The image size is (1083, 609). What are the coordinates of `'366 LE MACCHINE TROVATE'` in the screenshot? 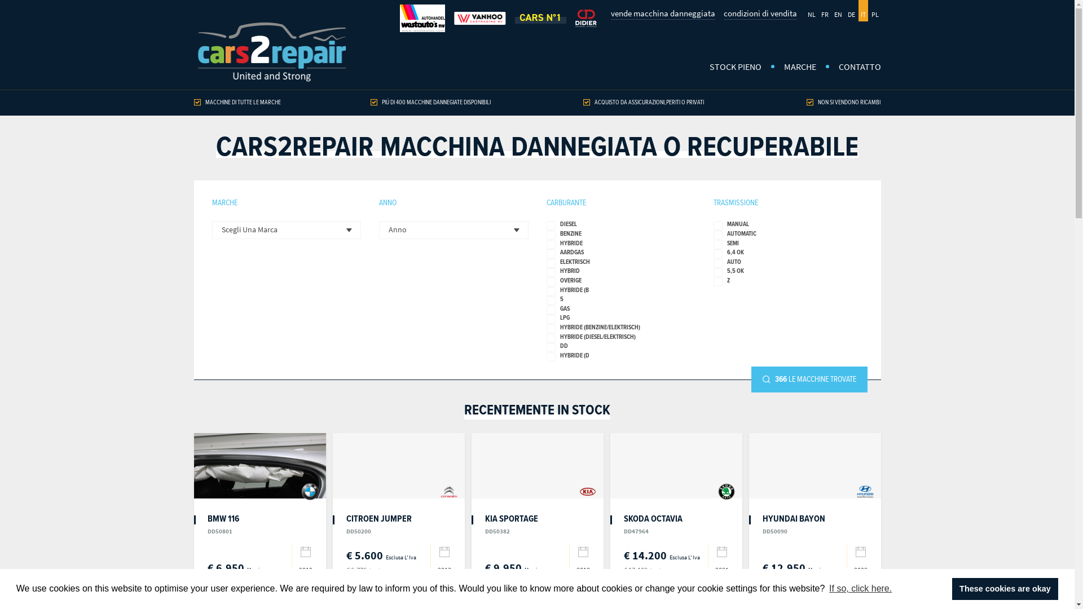 It's located at (809, 379).